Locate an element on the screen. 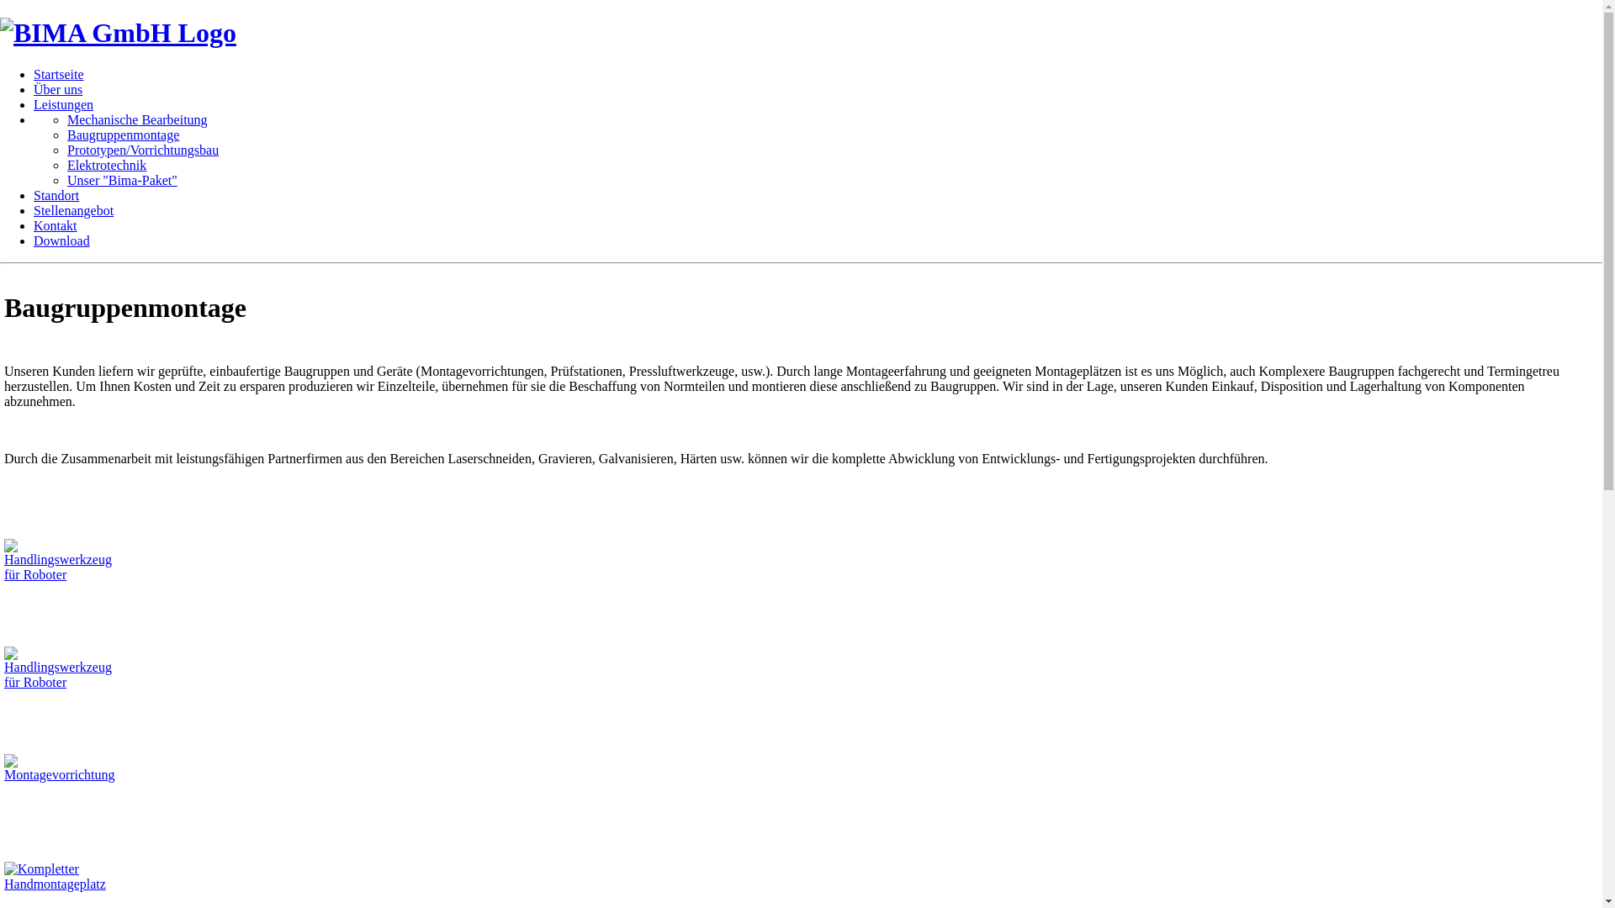 The width and height of the screenshot is (1615, 908). 'Stellenangebot' is located at coordinates (72, 209).